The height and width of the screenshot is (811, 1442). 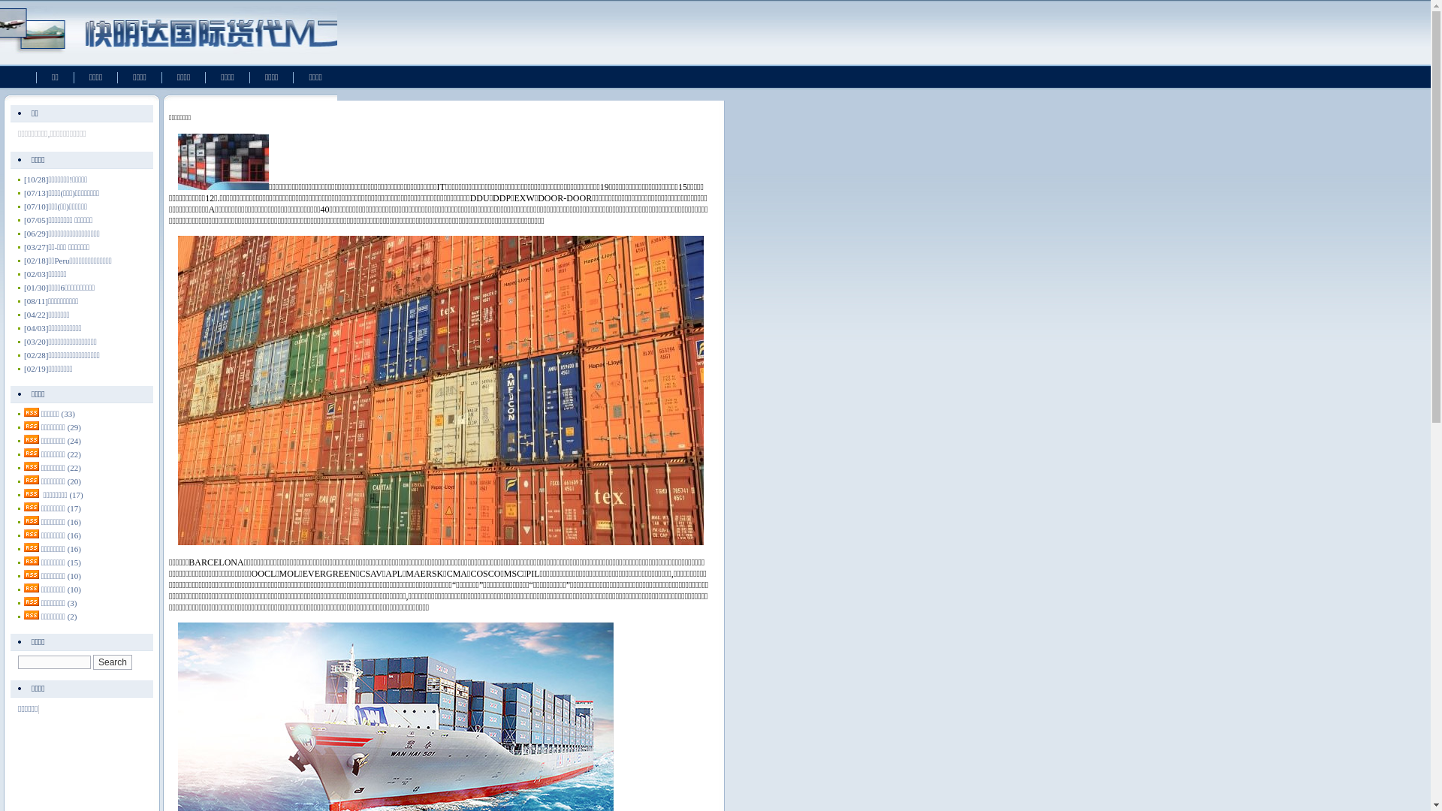 I want to click on 'rss', so click(x=32, y=451).